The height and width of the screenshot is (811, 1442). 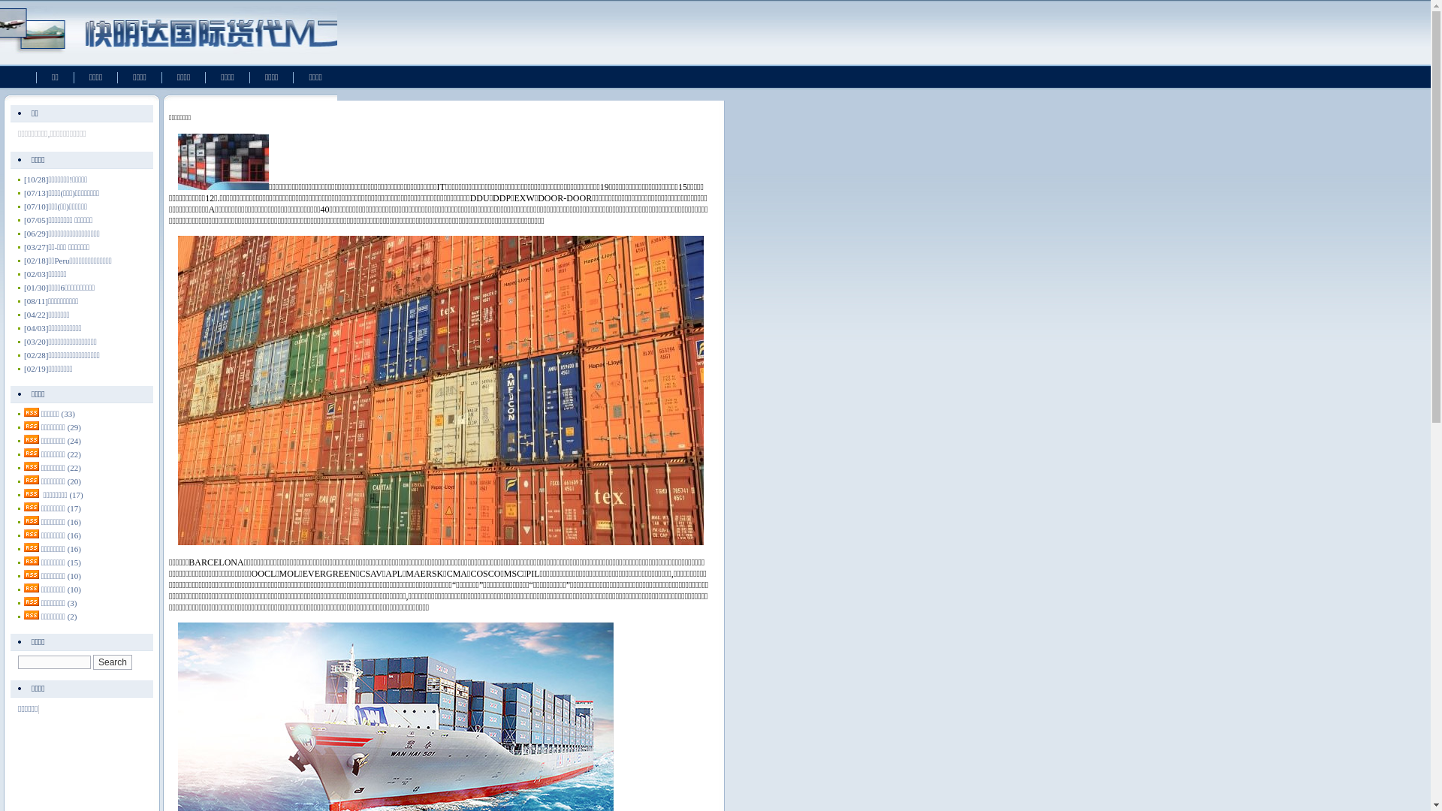 I want to click on 'rss', so click(x=32, y=451).